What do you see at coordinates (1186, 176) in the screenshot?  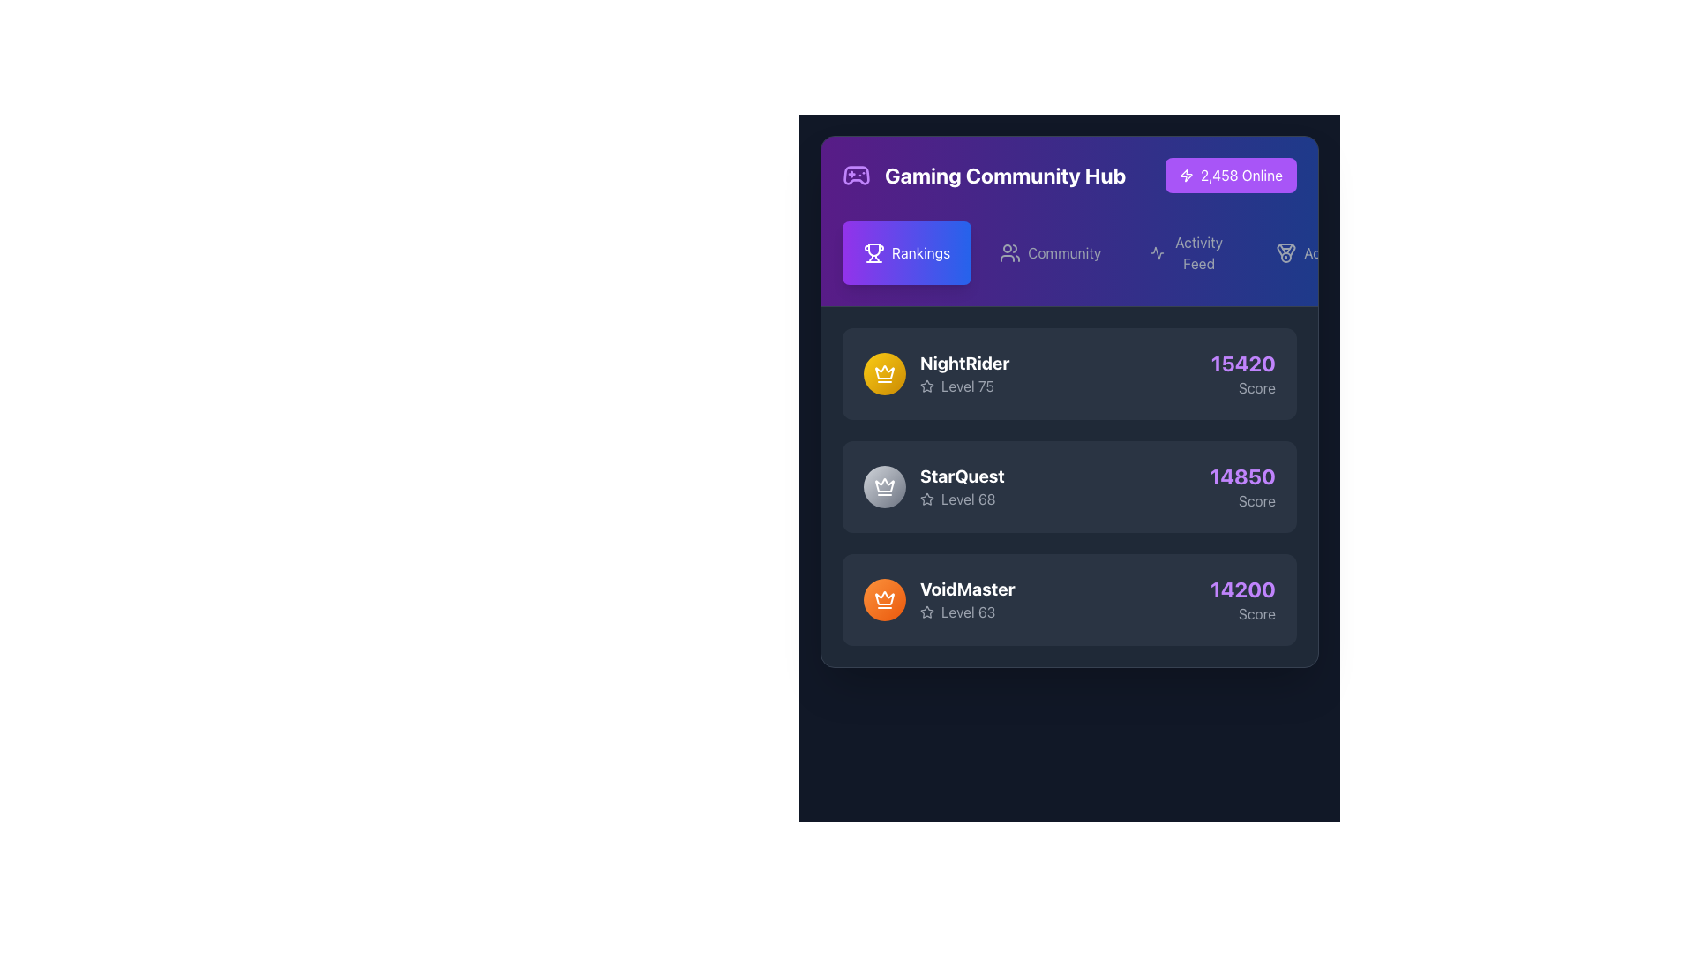 I see `the lightning bolt-shaped icon button with a purple background located in the navigation bar at the top of the interface` at bounding box center [1186, 176].